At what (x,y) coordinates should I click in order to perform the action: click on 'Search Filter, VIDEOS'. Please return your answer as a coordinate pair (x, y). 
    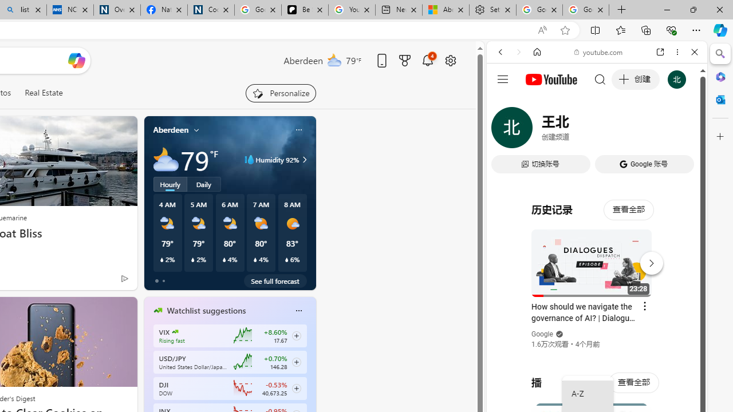
    Looking at the image, I should click on (576, 130).